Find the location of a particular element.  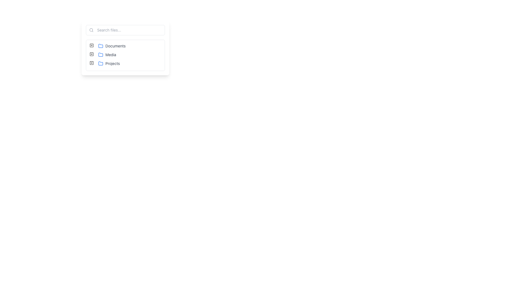

the first folder entry in the Treeview node, located directly under the search bar is located at coordinates (111, 46).